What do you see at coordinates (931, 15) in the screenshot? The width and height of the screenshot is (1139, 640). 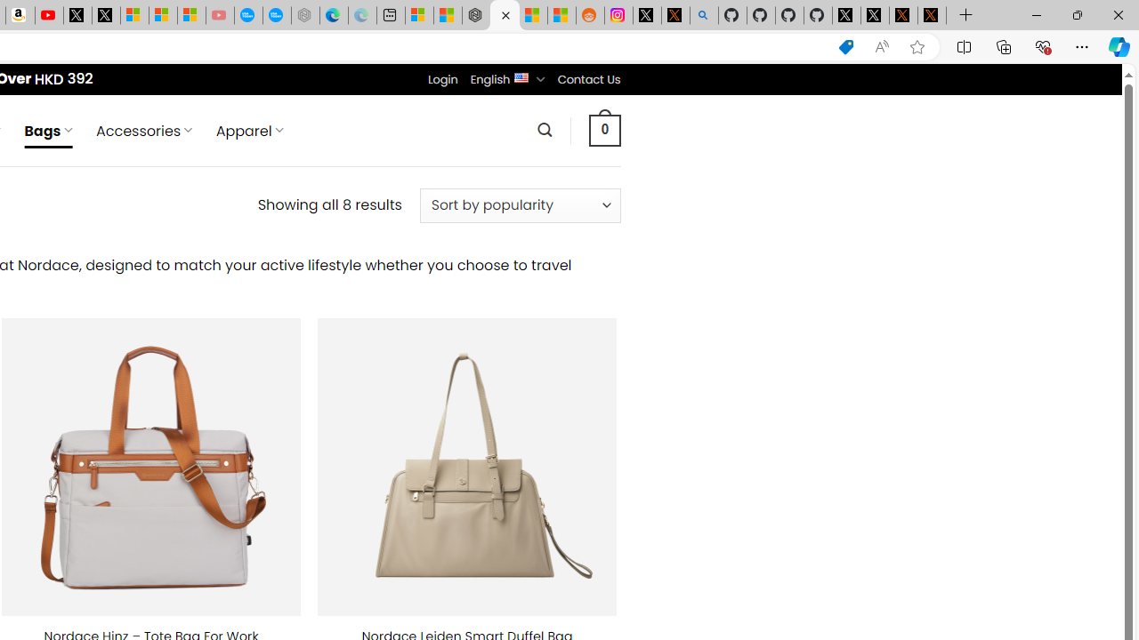 I see `'X Privacy Policy'` at bounding box center [931, 15].